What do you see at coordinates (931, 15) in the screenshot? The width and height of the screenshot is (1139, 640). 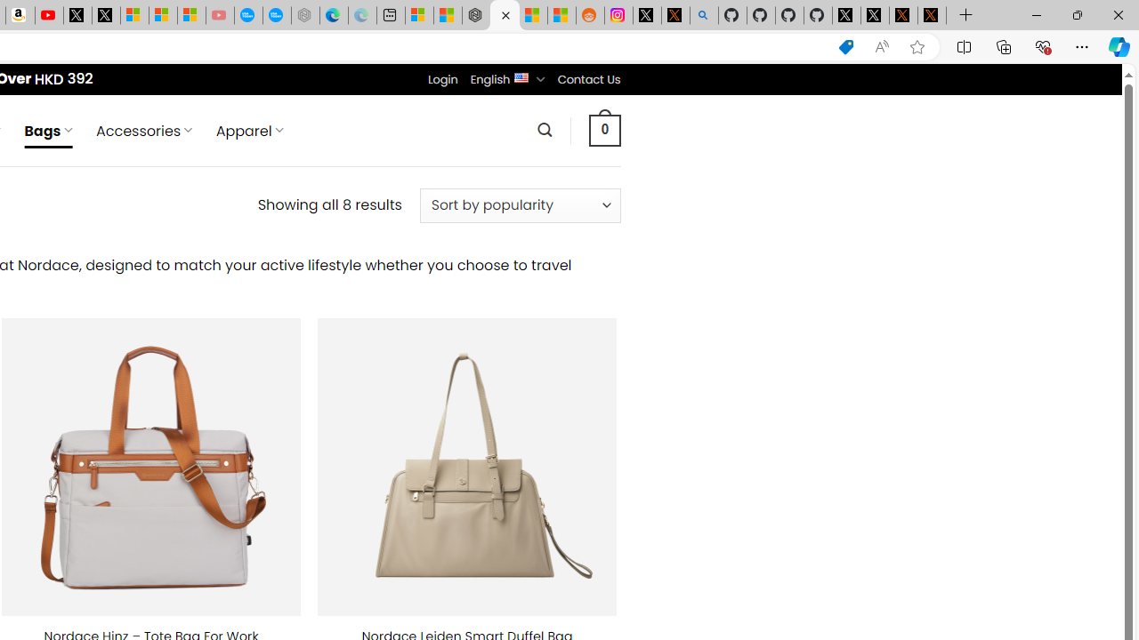 I see `'X Privacy Policy'` at bounding box center [931, 15].